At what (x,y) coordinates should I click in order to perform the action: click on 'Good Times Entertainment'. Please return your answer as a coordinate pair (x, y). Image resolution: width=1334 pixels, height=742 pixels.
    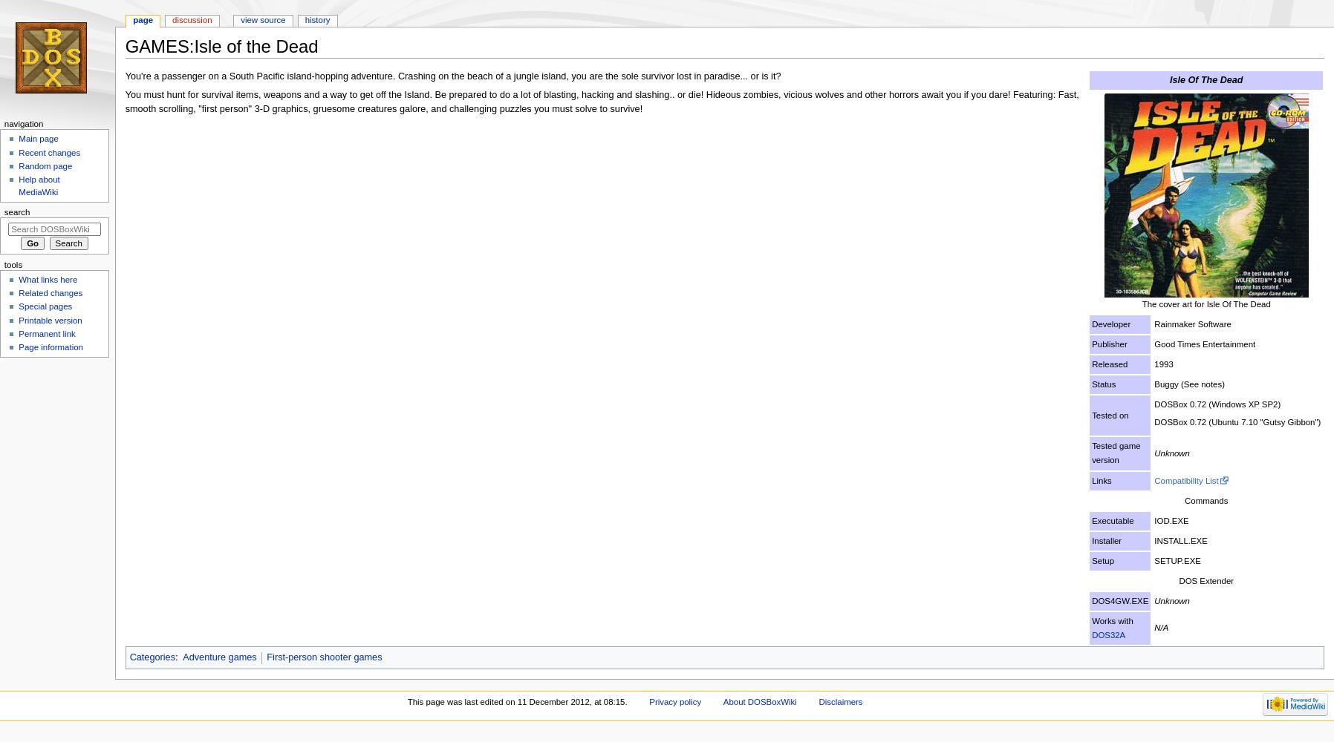
    Looking at the image, I should click on (1204, 343).